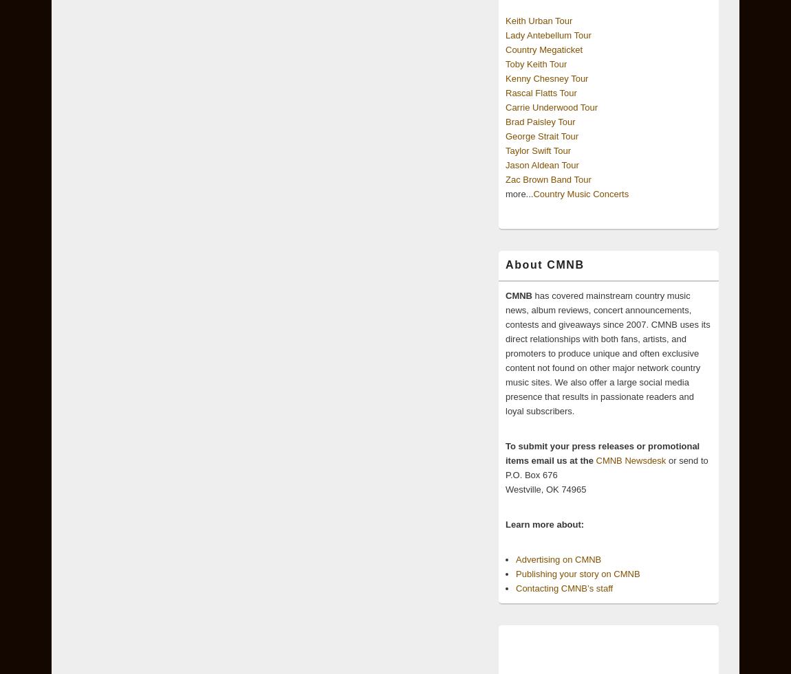 Image resolution: width=791 pixels, height=674 pixels. Describe the element at coordinates (602, 453) in the screenshot. I see `'To submit your press releases or promotional items email us at the'` at that location.